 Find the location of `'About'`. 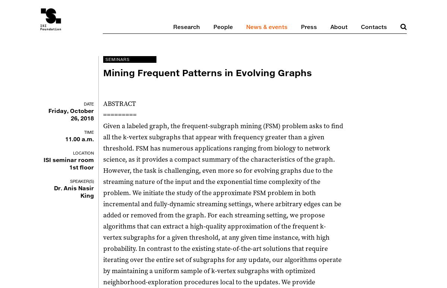

'About' is located at coordinates (338, 26).